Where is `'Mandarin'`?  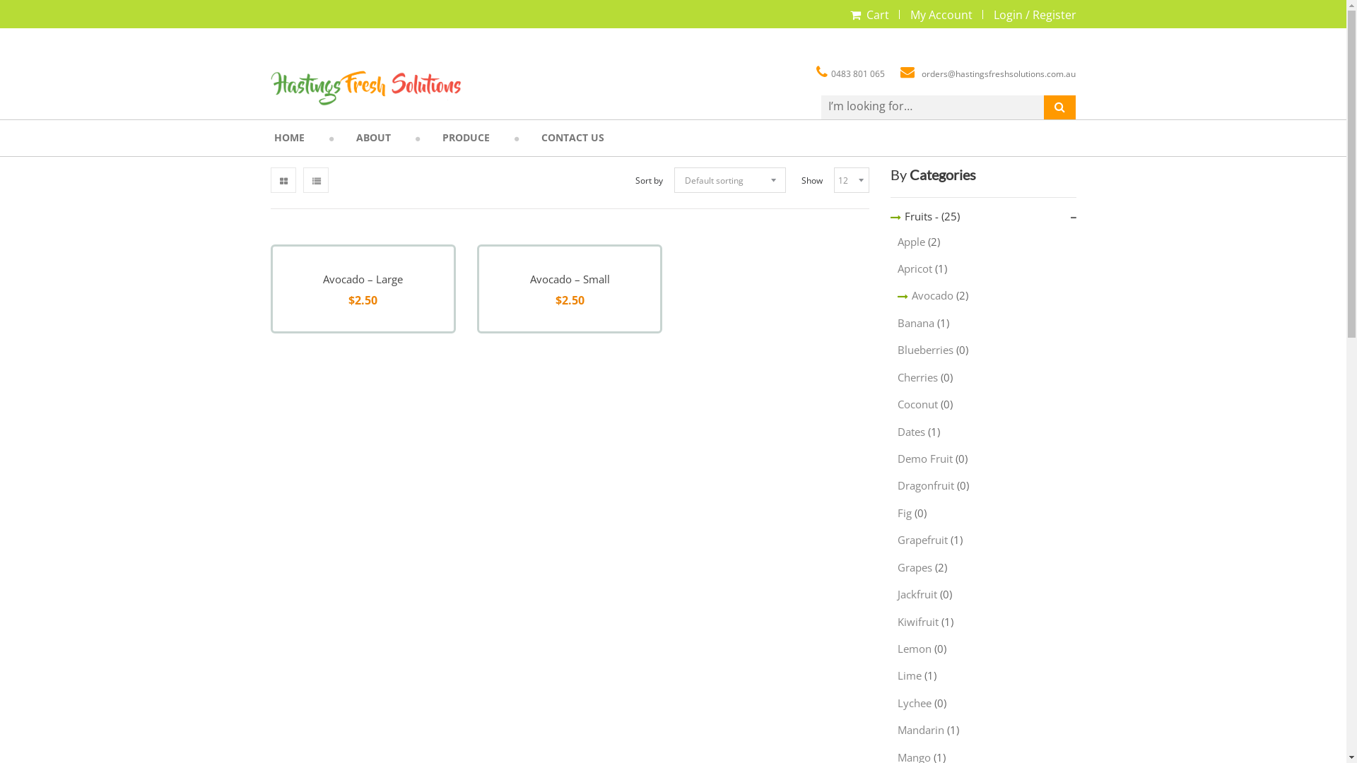
'Mandarin' is located at coordinates (920, 730).